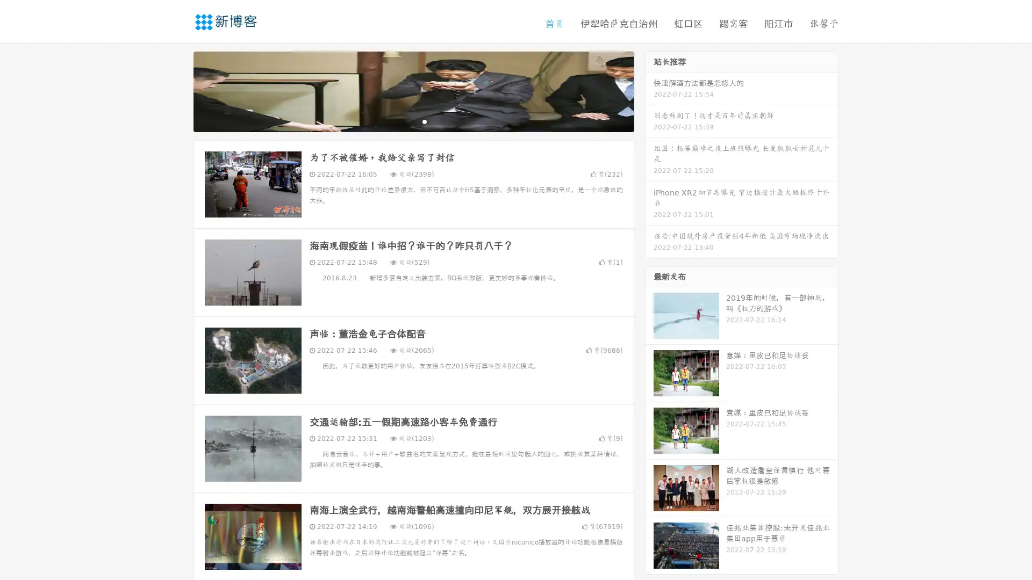  Describe the element at coordinates (649, 90) in the screenshot. I see `Next slide` at that location.